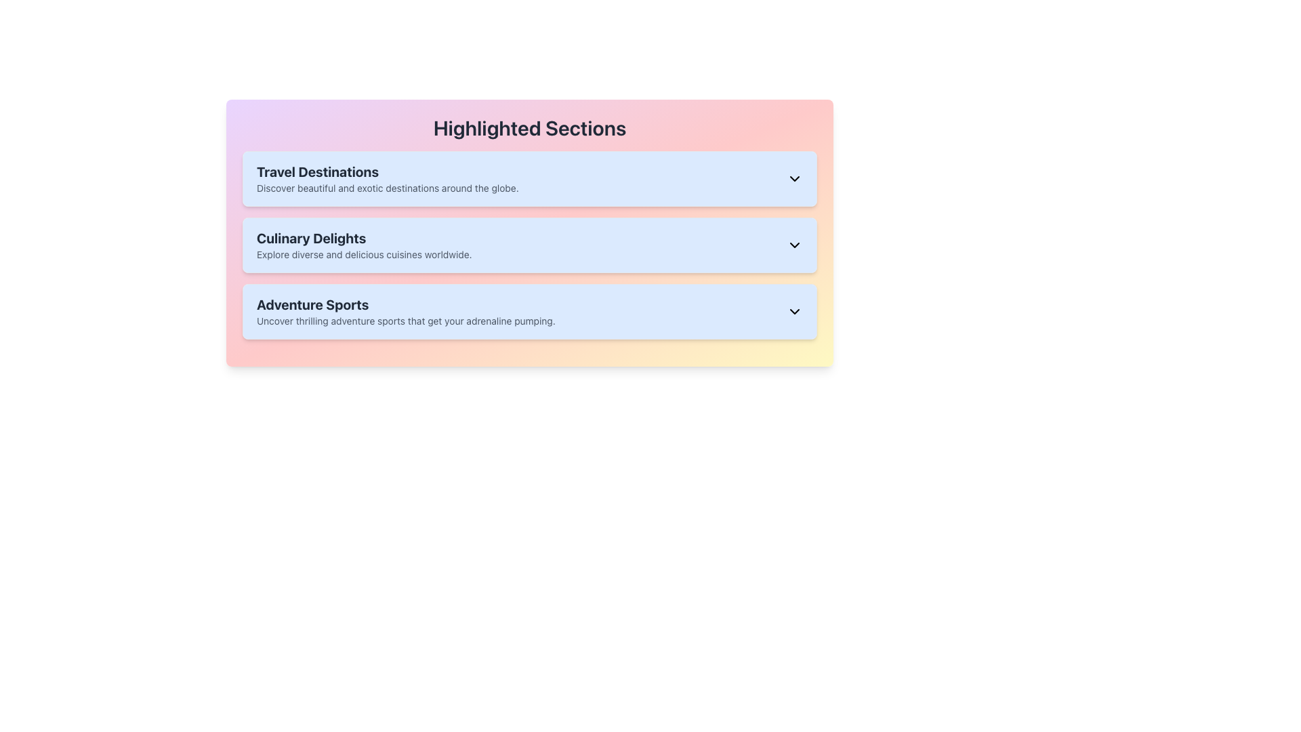 Image resolution: width=1301 pixels, height=732 pixels. I want to click on the second chevron icon on the right side of the 'Culinary Delights' section, so click(794, 245).